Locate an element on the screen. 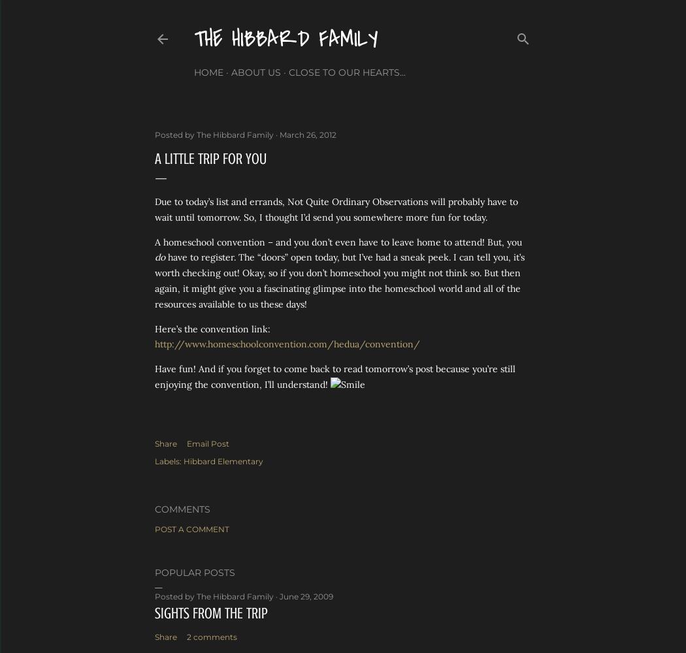 This screenshot has height=653, width=686. 'Hibbard Elementary' is located at coordinates (222, 460).